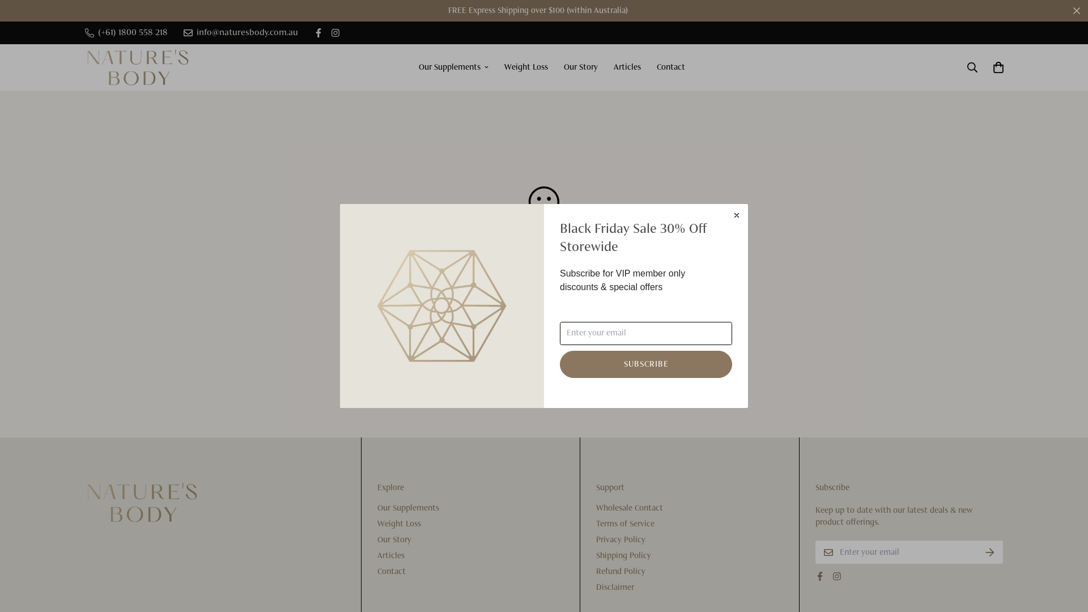 This screenshot has width=1088, height=612. I want to click on 'Wholesale Contact', so click(595, 508).